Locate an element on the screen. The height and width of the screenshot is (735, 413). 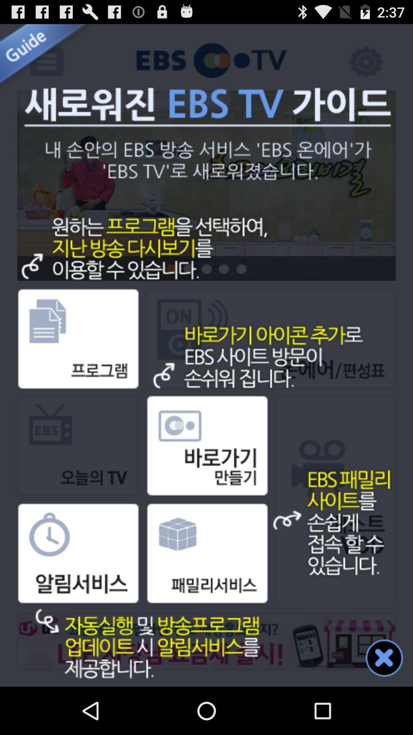
the text which is above the cube is located at coordinates (206, 471).